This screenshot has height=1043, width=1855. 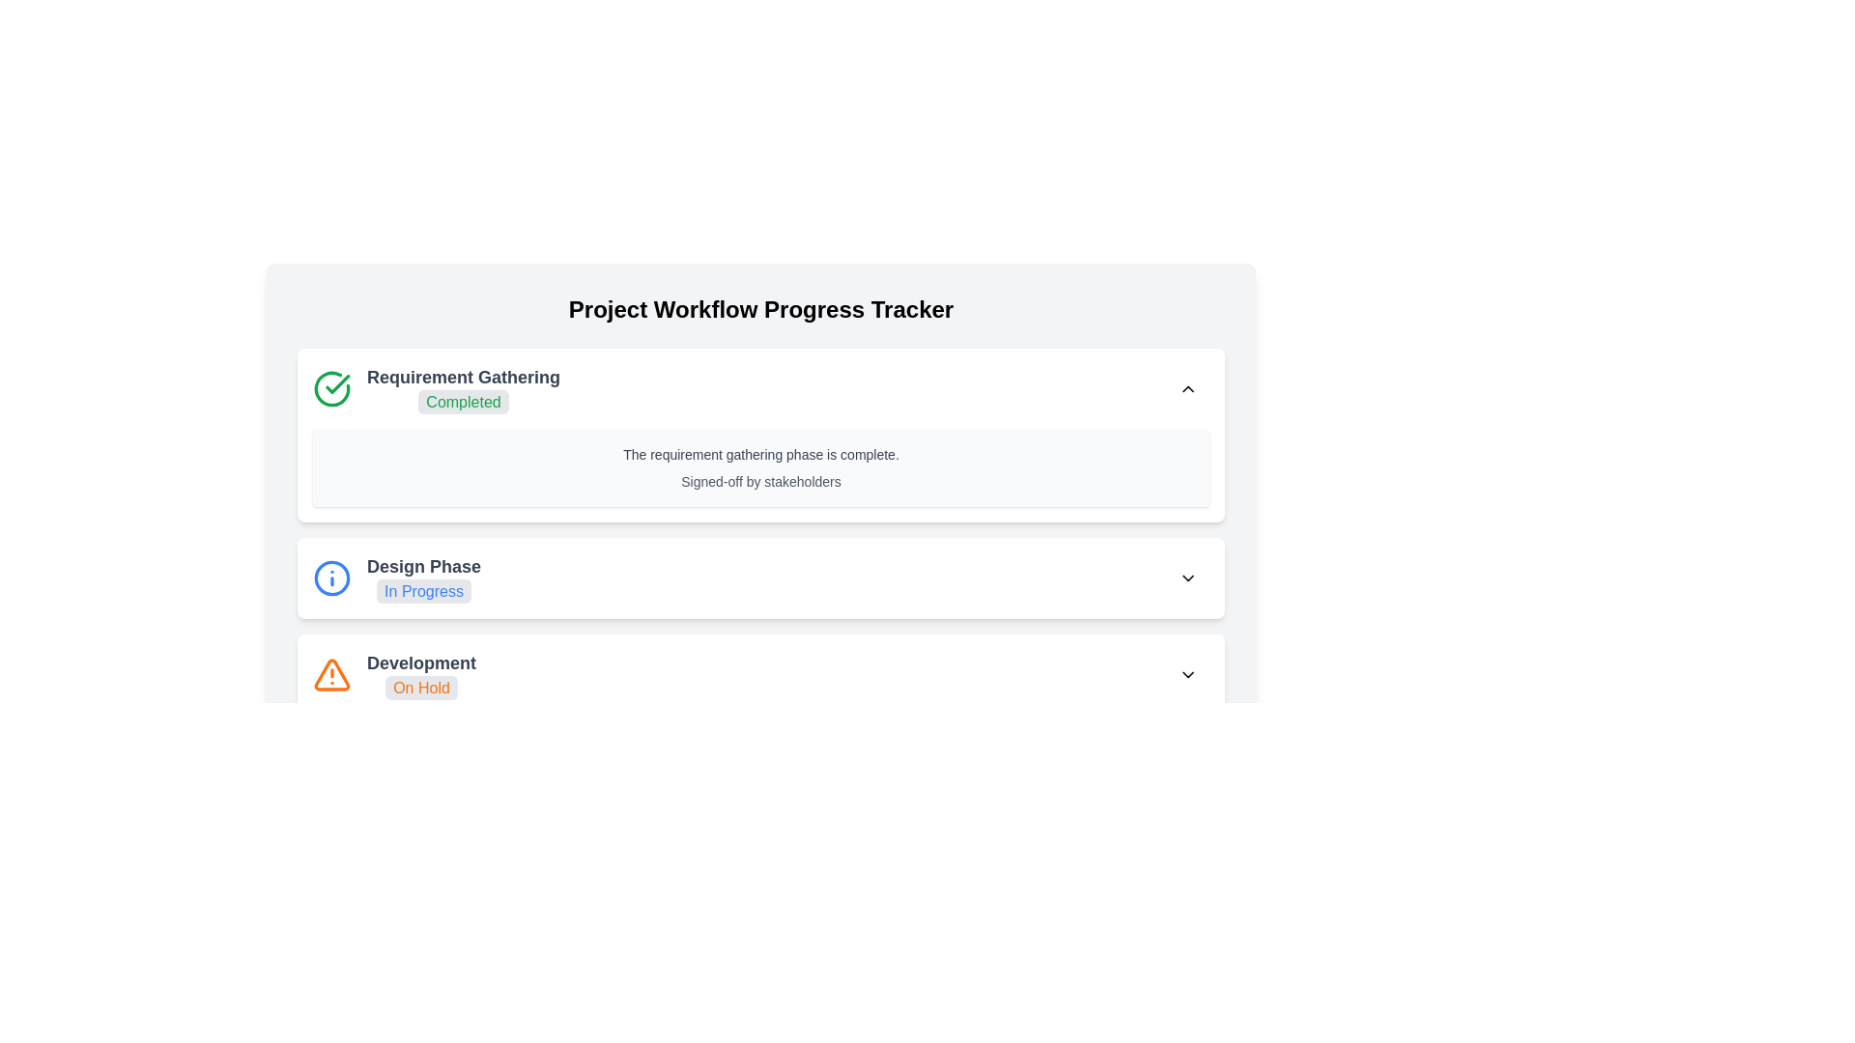 I want to click on the warning icon in the 'Development' section of the 'Project Workflow Progress Tracker', which indicates that attention is needed in this stage of the workflow, so click(x=332, y=673).